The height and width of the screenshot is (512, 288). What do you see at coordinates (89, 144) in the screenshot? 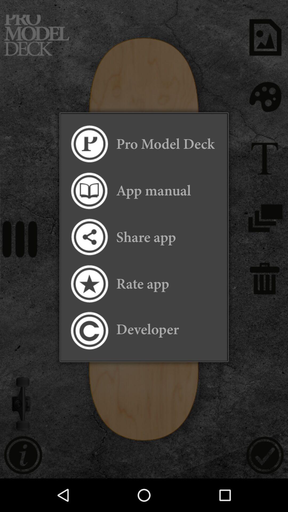
I see `open pro model deck` at bounding box center [89, 144].